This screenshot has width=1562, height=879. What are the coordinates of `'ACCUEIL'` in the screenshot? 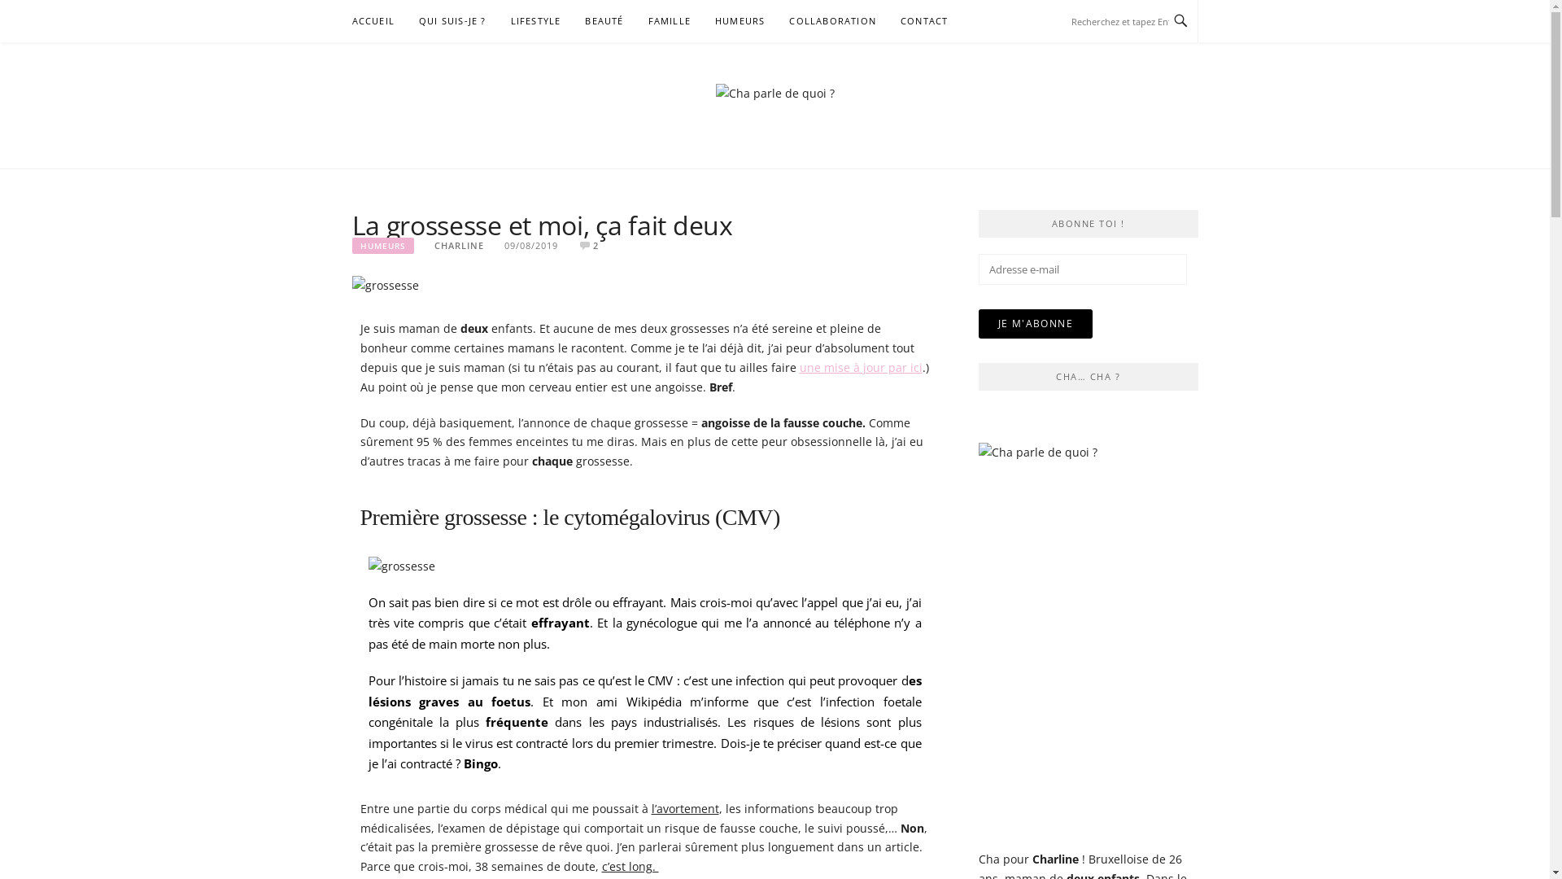 It's located at (371, 21).